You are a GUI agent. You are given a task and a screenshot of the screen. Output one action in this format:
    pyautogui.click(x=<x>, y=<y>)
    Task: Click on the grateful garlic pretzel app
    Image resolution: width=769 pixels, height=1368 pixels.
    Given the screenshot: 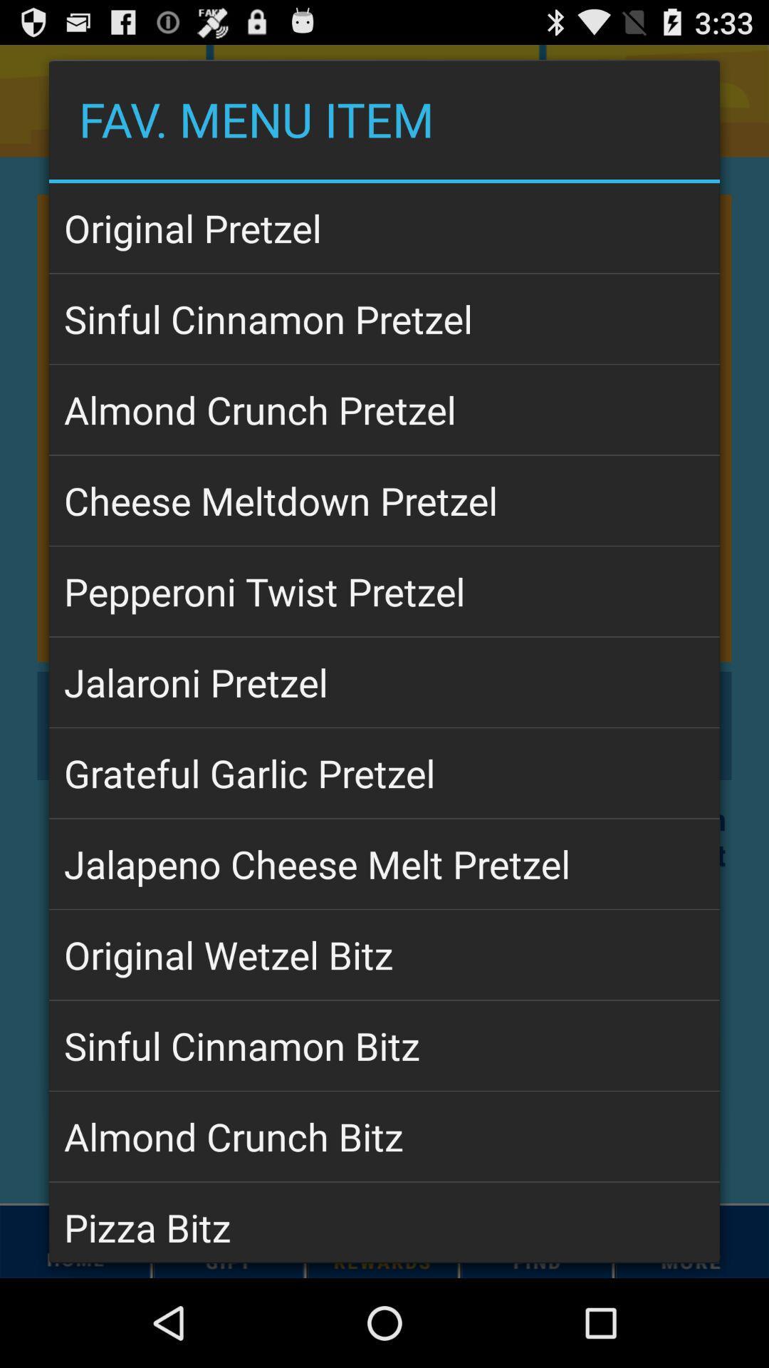 What is the action you would take?
    pyautogui.click(x=384, y=772)
    